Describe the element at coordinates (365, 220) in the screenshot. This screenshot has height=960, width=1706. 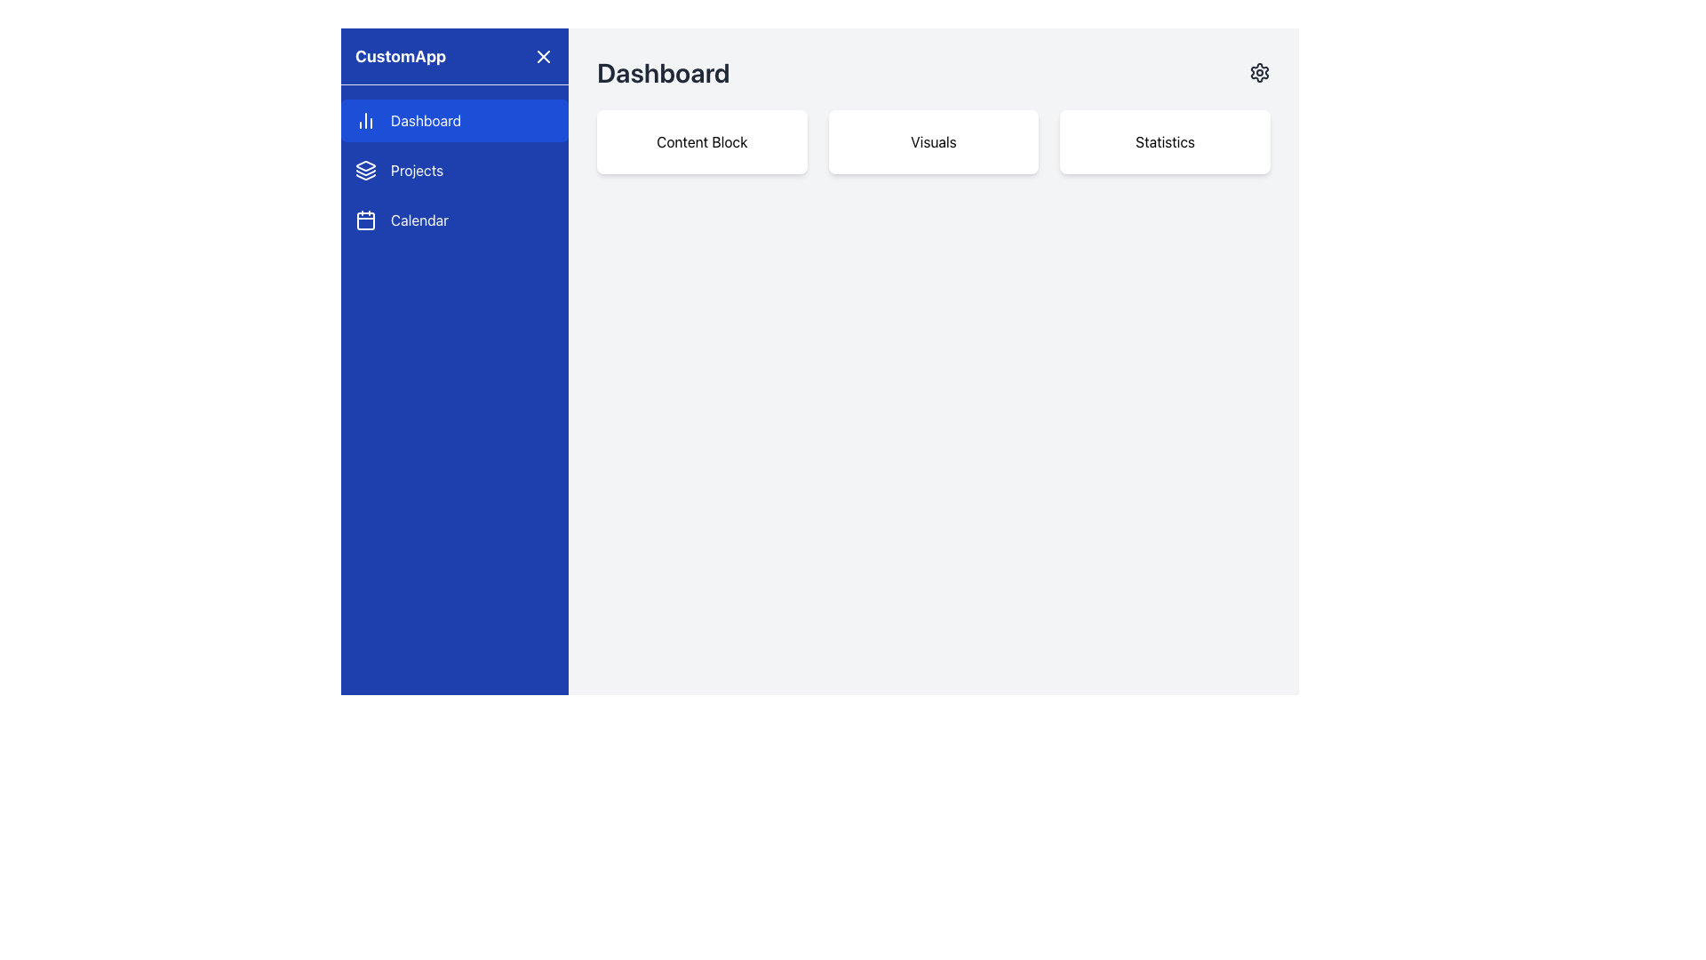
I see `the calendar icon in the left sidebar menu` at that location.